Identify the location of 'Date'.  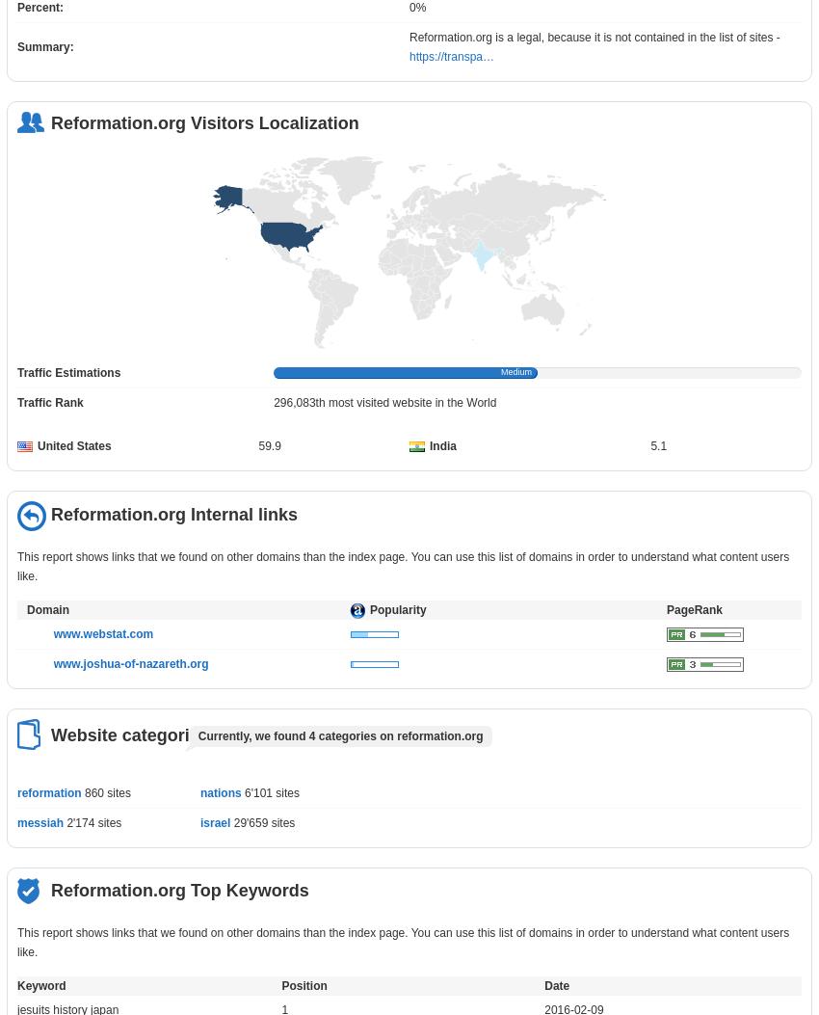
(557, 984).